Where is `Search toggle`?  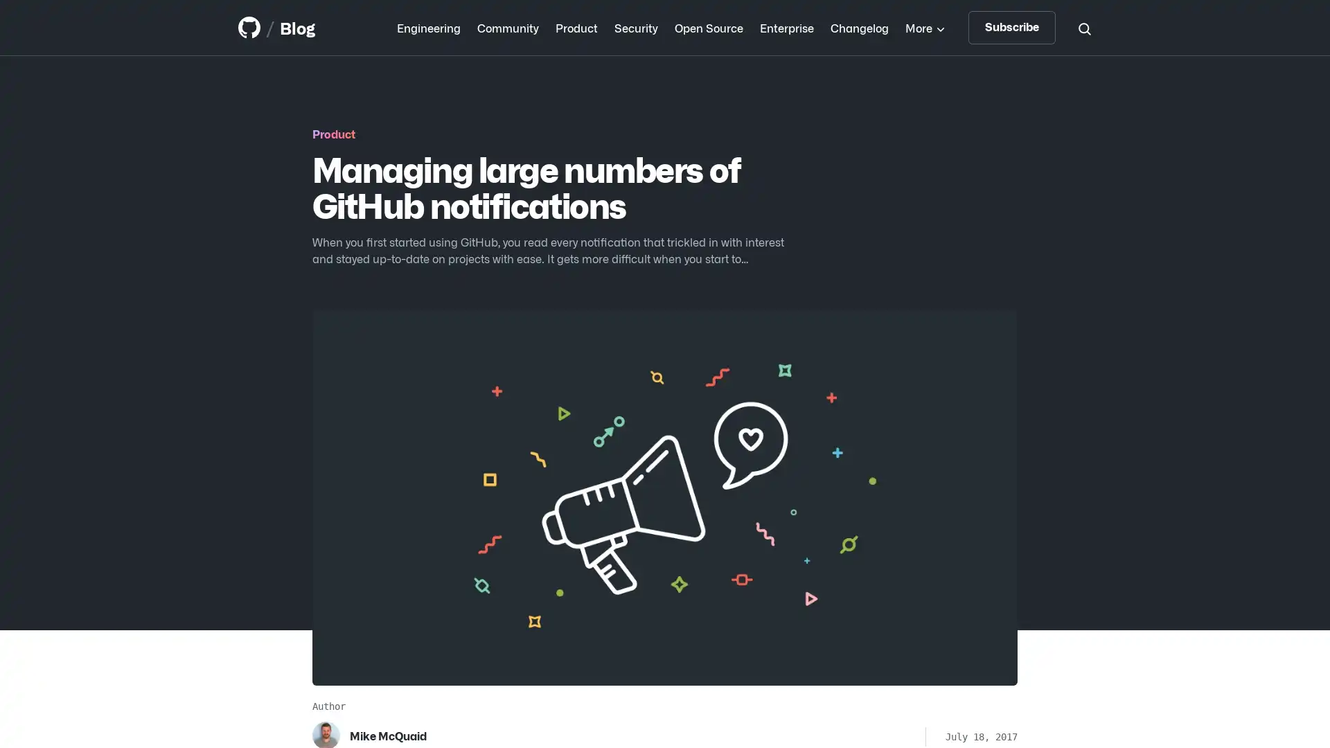
Search toggle is located at coordinates (1083, 26).